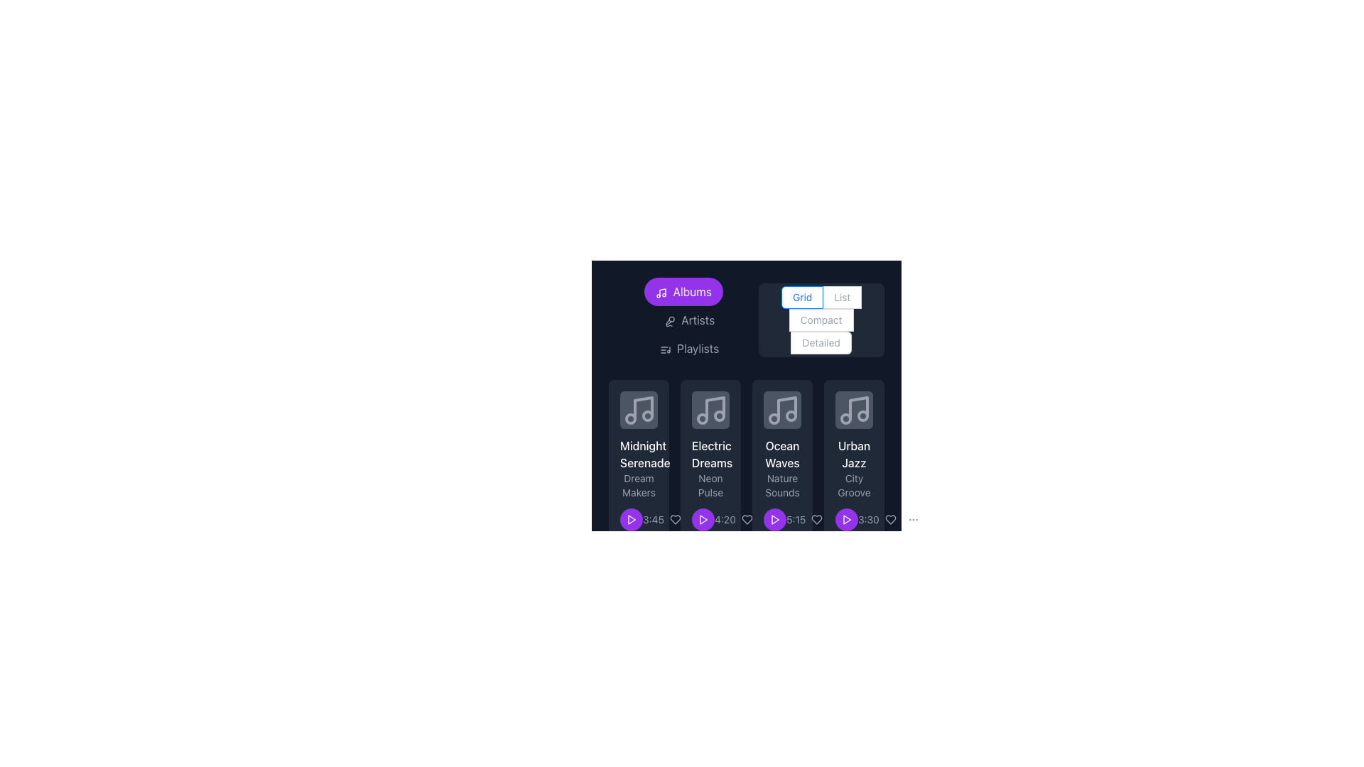 This screenshot has width=1364, height=767. What do you see at coordinates (781, 410) in the screenshot?
I see `the gray musical note icon located in the 'Ocean Waves' card, which is the third card in a row of four music album cards` at bounding box center [781, 410].